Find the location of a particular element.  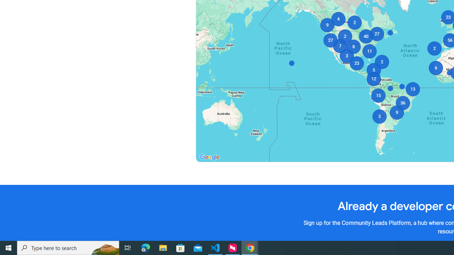

'Open this area in Google Maps (opens a new window)' is located at coordinates (209, 157).